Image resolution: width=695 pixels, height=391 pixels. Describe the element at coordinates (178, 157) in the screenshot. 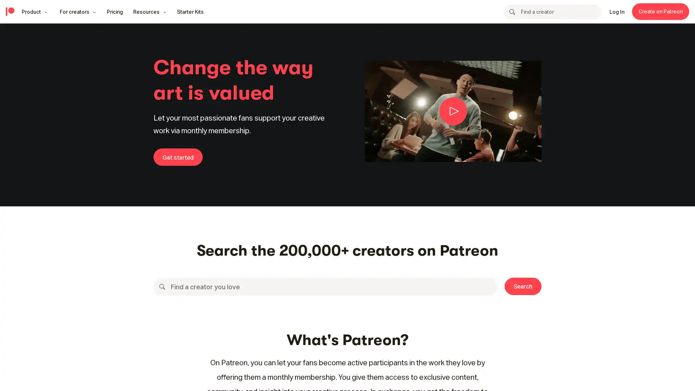

I see `Get started` at that location.